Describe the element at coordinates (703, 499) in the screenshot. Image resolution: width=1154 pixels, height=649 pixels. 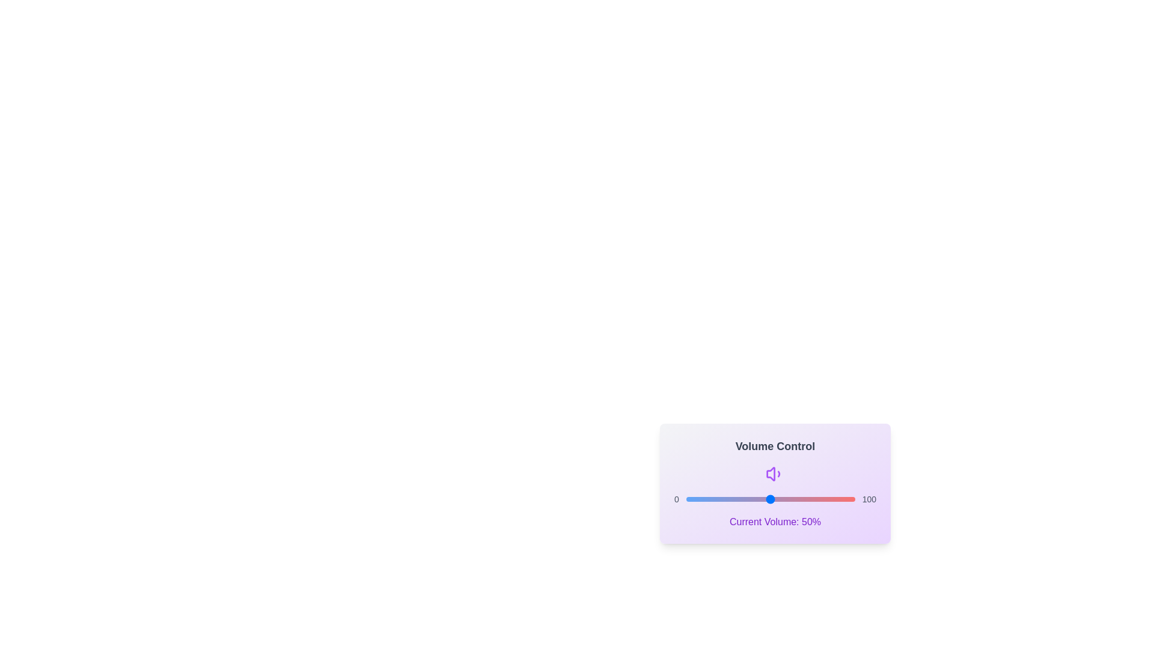
I see `the volume slider to set the volume to 10%` at that location.